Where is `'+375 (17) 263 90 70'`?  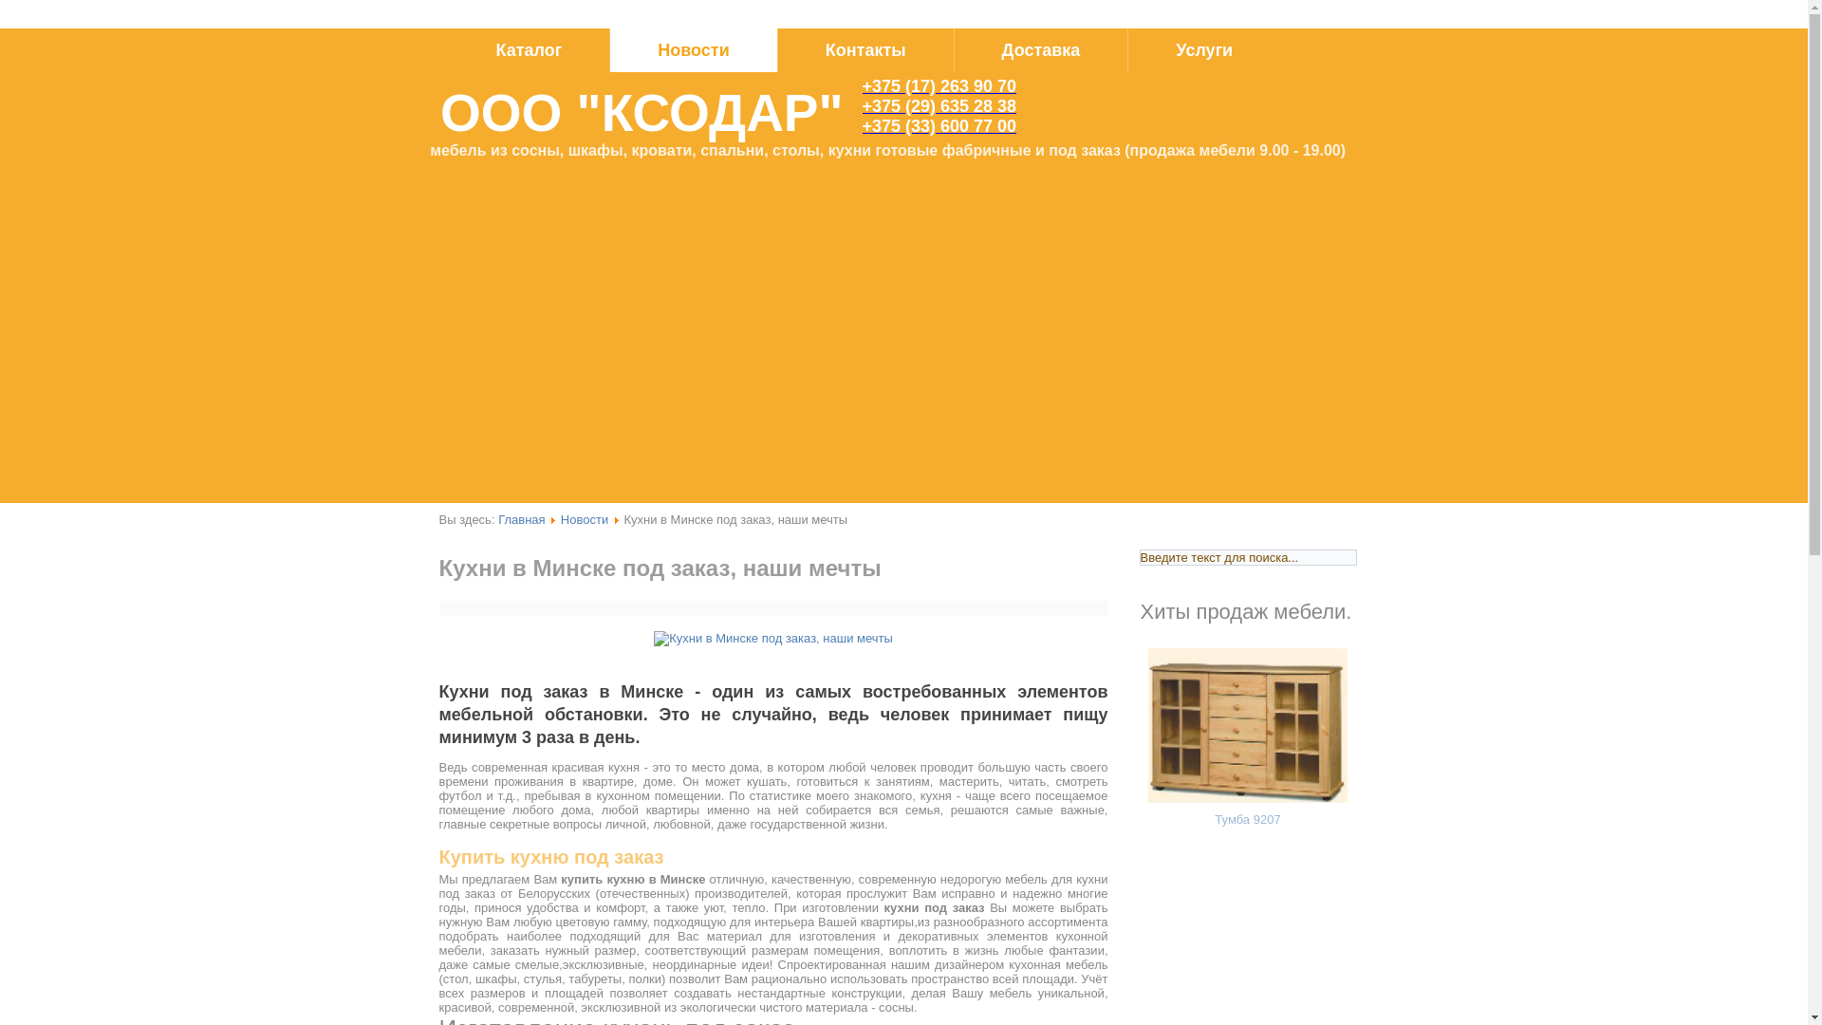 '+375 (17) 263 90 70' is located at coordinates (939, 86).